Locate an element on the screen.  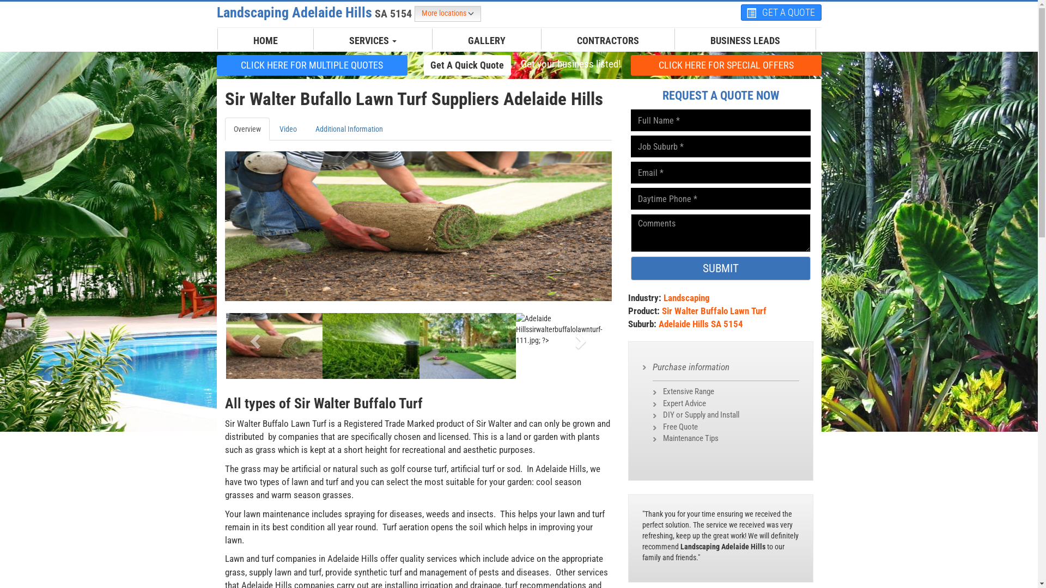
'SERVICES' is located at coordinates (340, 40).